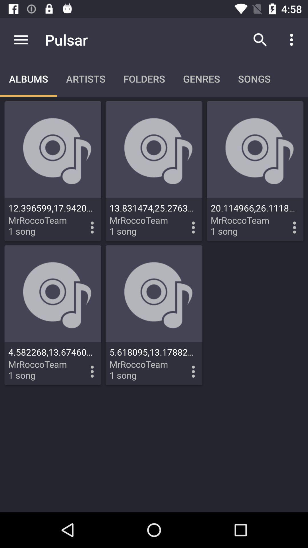 This screenshot has width=308, height=548. Describe the element at coordinates (260, 39) in the screenshot. I see `the item above the songs item` at that location.